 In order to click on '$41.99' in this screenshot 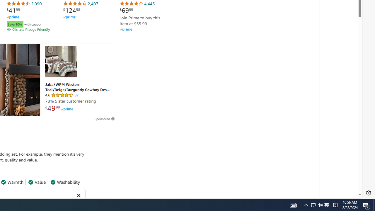, I will do `click(13, 10)`.